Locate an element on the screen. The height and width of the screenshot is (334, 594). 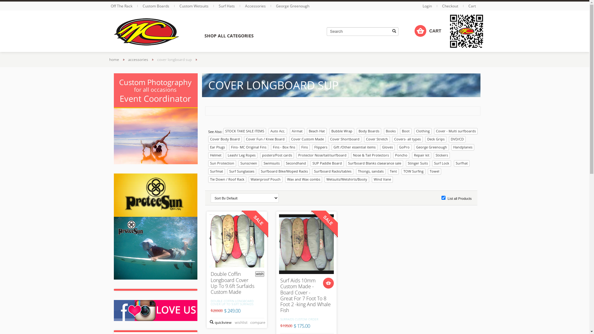
'Sunscreen' is located at coordinates (238, 163).